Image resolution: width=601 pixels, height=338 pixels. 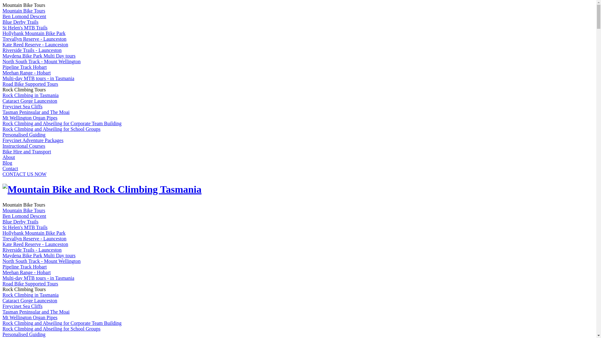 I want to click on 'Multi-day MTB tours - in Tasmania', so click(x=38, y=78).